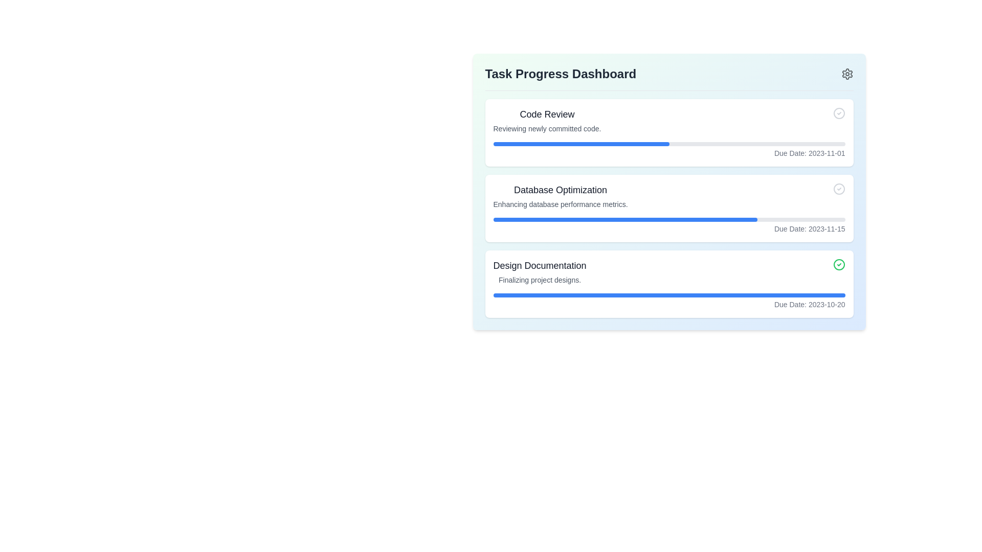 This screenshot has height=552, width=982. Describe the element at coordinates (669, 295) in the screenshot. I see `the progress bar that visually represents progress and is located directly above the text element displaying 'Due Date: 2023-10-20', centered in the 'Design Documentation' card` at that location.